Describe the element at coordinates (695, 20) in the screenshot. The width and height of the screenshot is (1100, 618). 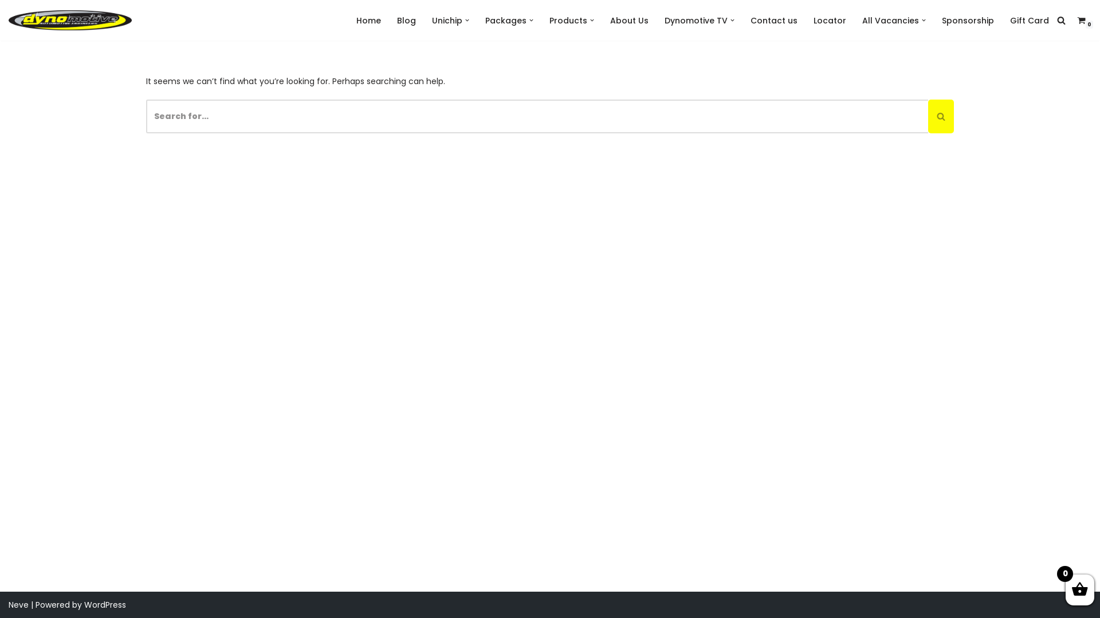
I see `'Dynomotive TV'` at that location.